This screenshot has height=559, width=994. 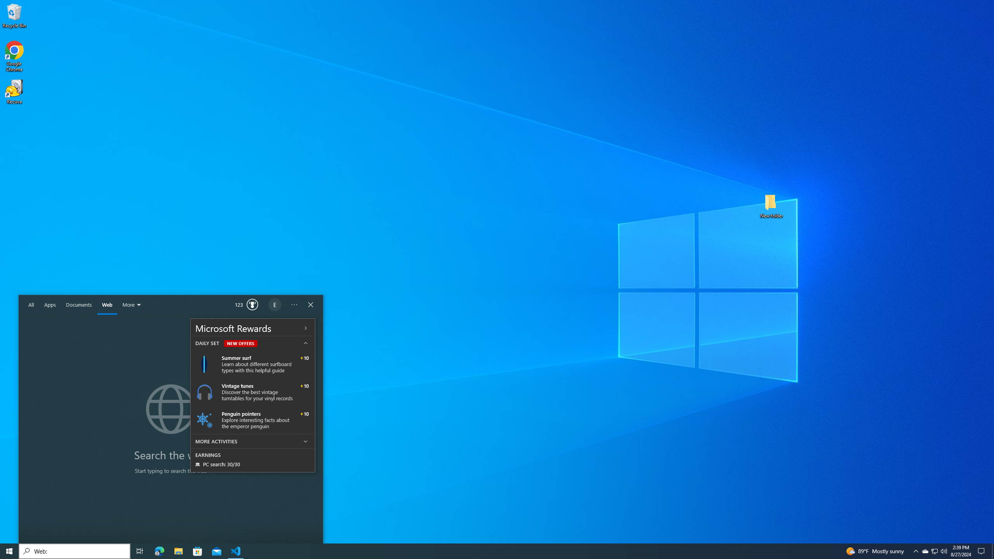 I want to click on 'Close Windows Search', so click(x=310, y=305).